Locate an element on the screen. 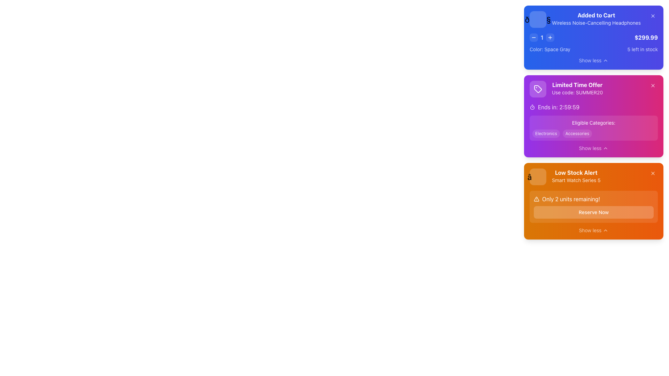 This screenshot has width=669, height=376. the circular button with an 'X' icon in the top-right corner of the orange 'Low Stock Alert Smart Watch Series 5' pane is located at coordinates (652, 173).